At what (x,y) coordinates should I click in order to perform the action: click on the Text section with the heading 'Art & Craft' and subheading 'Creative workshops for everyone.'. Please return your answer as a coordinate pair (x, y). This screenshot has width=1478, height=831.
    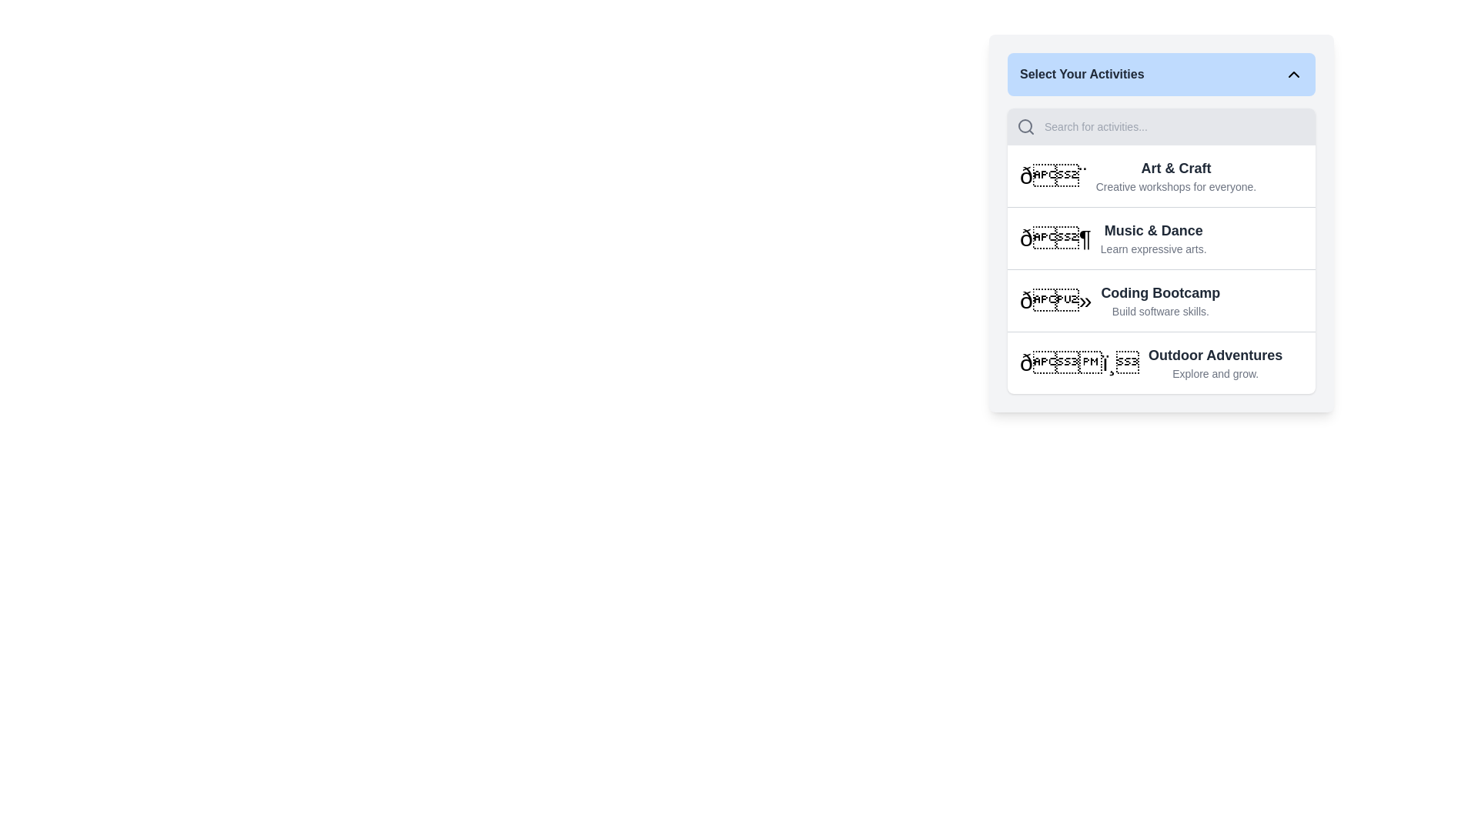
    Looking at the image, I should click on (1161, 175).